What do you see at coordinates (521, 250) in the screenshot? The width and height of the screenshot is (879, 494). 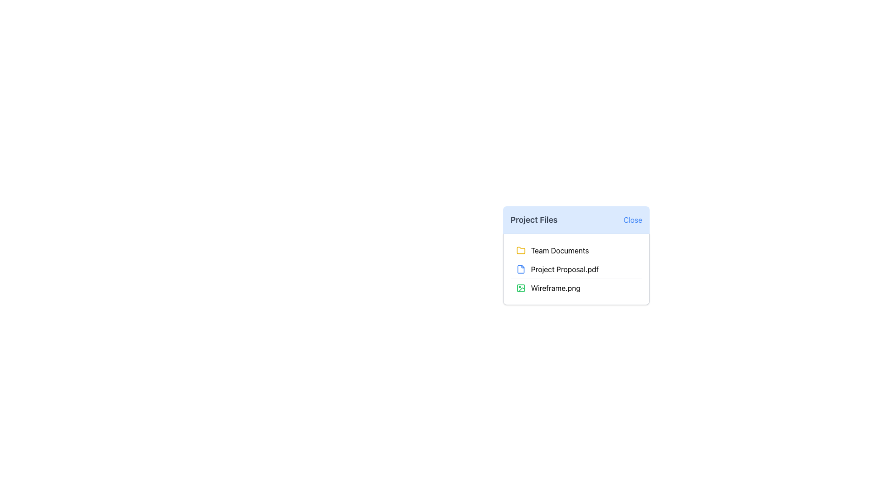 I see `the folder icon representing 'Team Documents' in the Project Files panel` at bounding box center [521, 250].